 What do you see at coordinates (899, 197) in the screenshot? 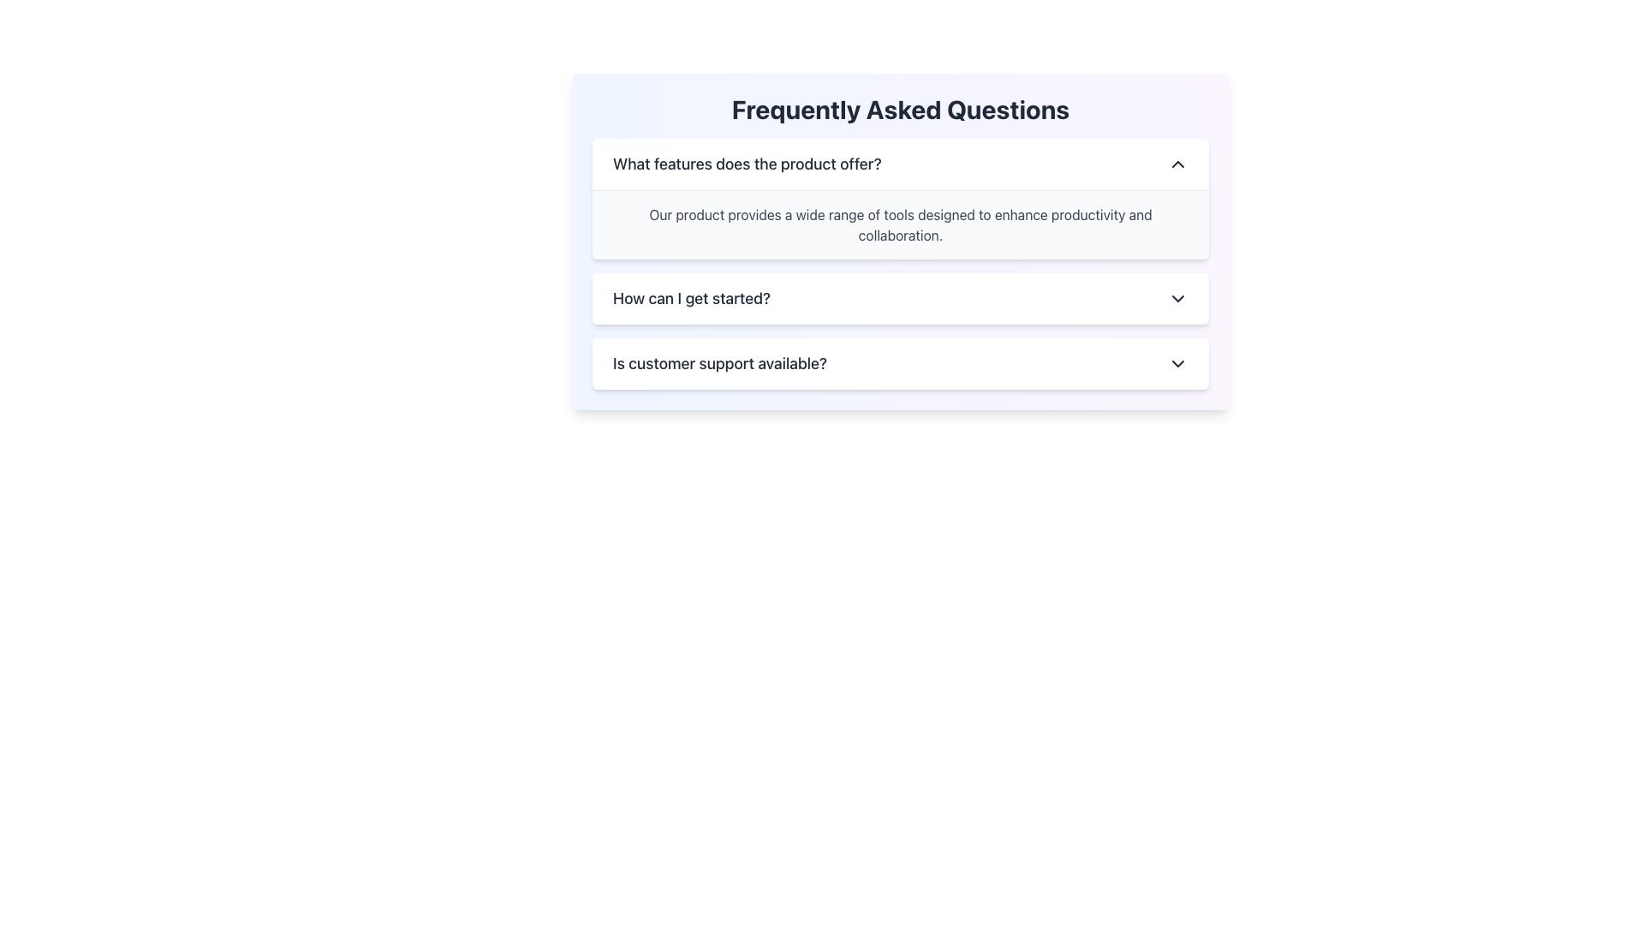
I see `the first FAQ entry under 'Frequently Asked Questions' to read its descriptive content` at bounding box center [899, 197].